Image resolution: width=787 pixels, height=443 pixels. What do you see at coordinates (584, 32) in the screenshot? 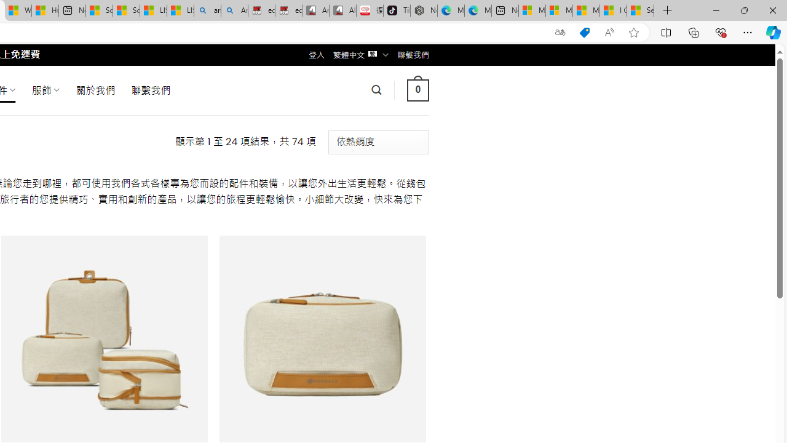
I see `'This site has coupons! Shopping in Microsoft Edge'` at bounding box center [584, 32].